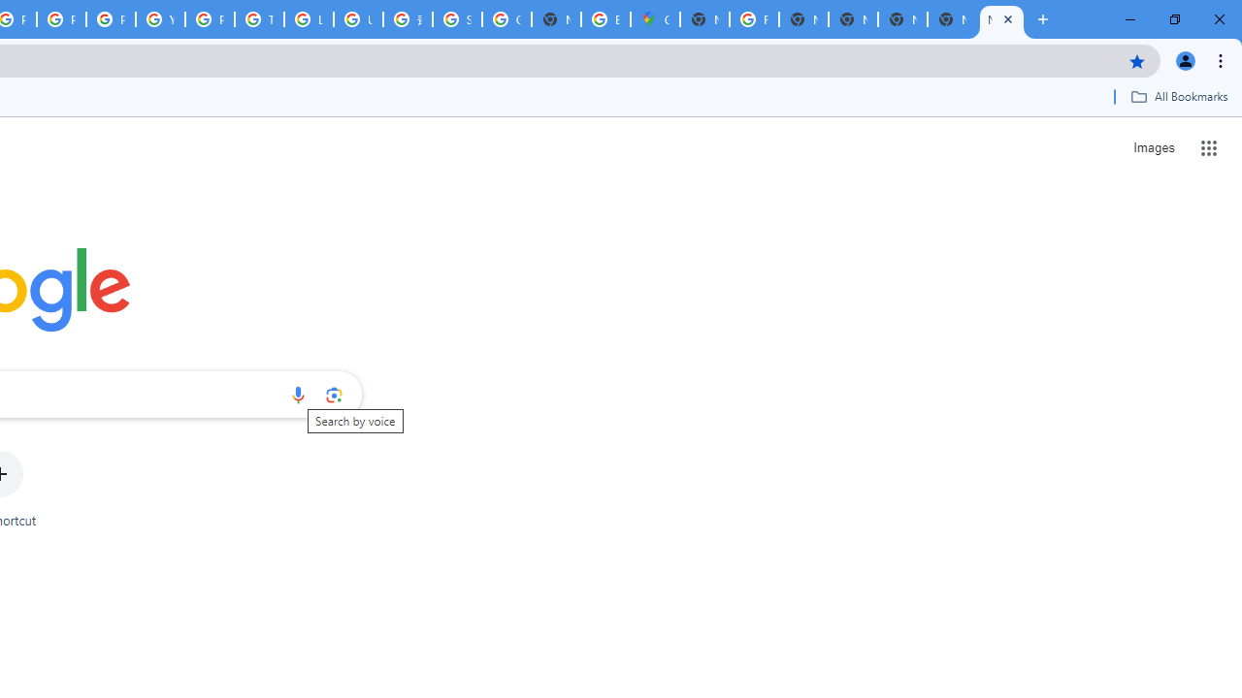 Image resolution: width=1242 pixels, height=698 pixels. Describe the element at coordinates (258, 19) in the screenshot. I see `'Tips & tricks for Chrome - Google Chrome Help'` at that location.